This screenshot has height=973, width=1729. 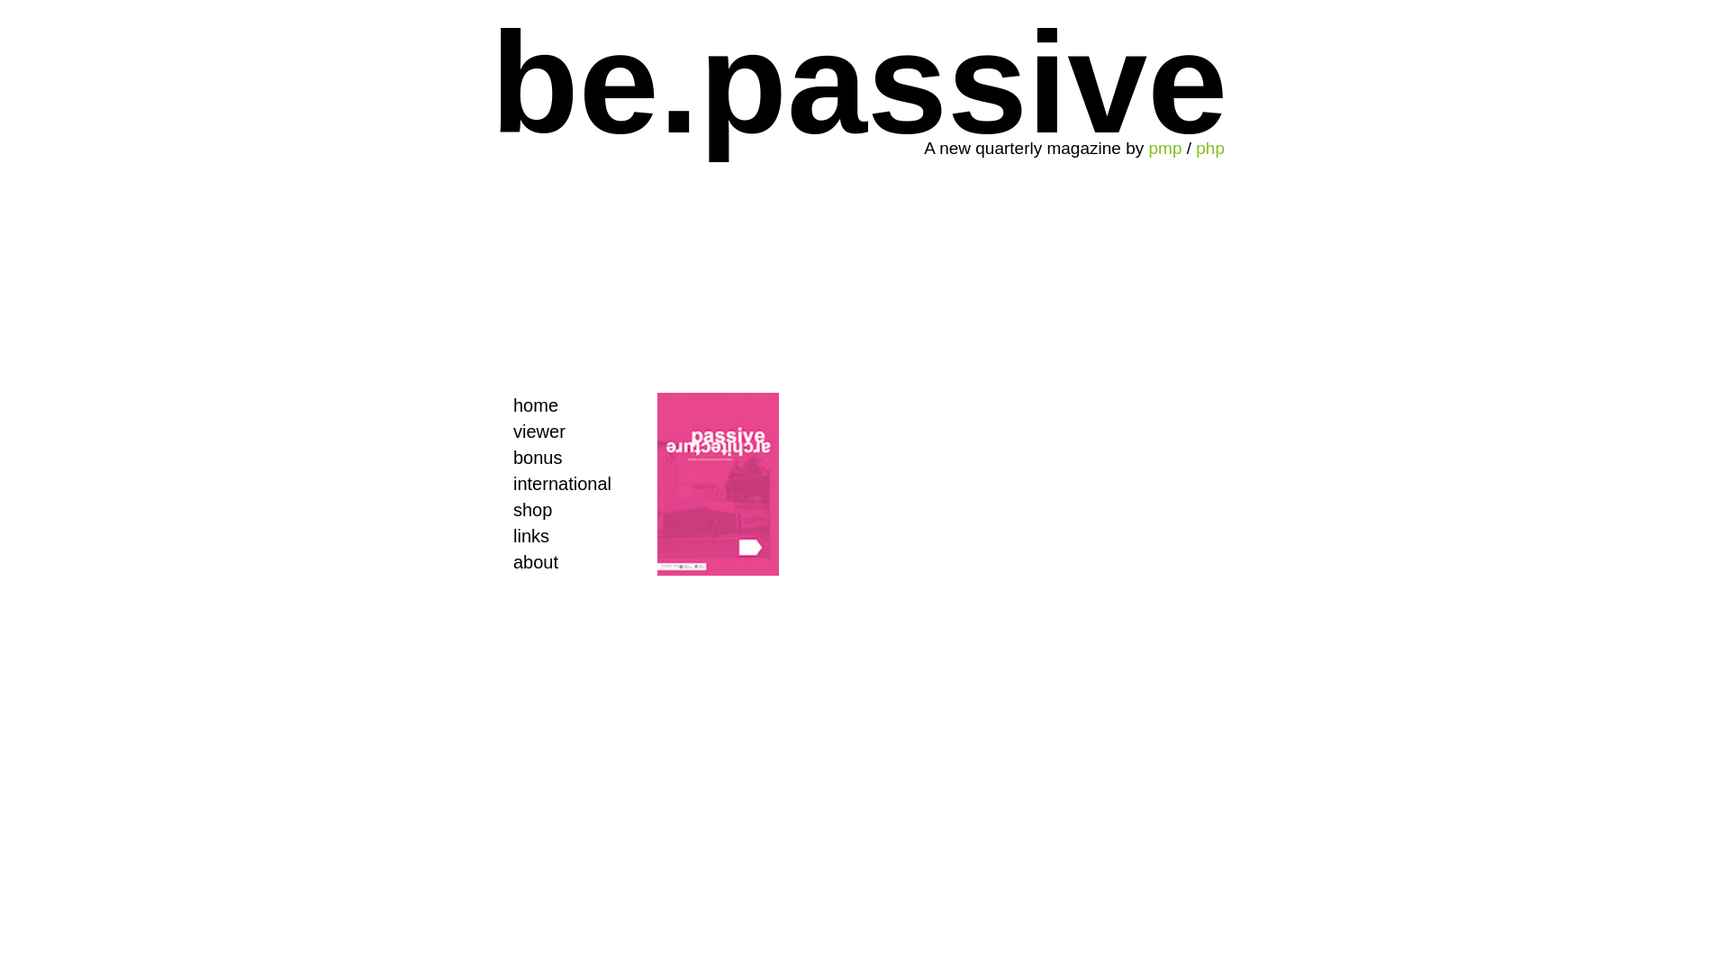 I want to click on 'about', so click(x=557, y=561).